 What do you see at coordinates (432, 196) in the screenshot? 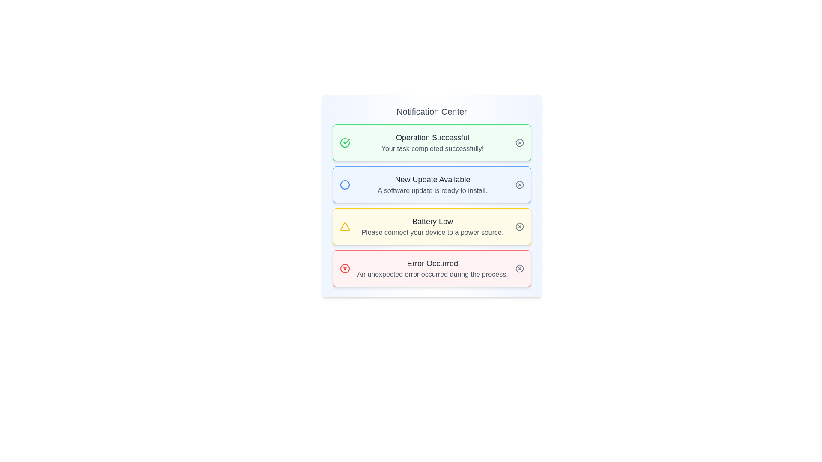
I see `the second notification card` at bounding box center [432, 196].